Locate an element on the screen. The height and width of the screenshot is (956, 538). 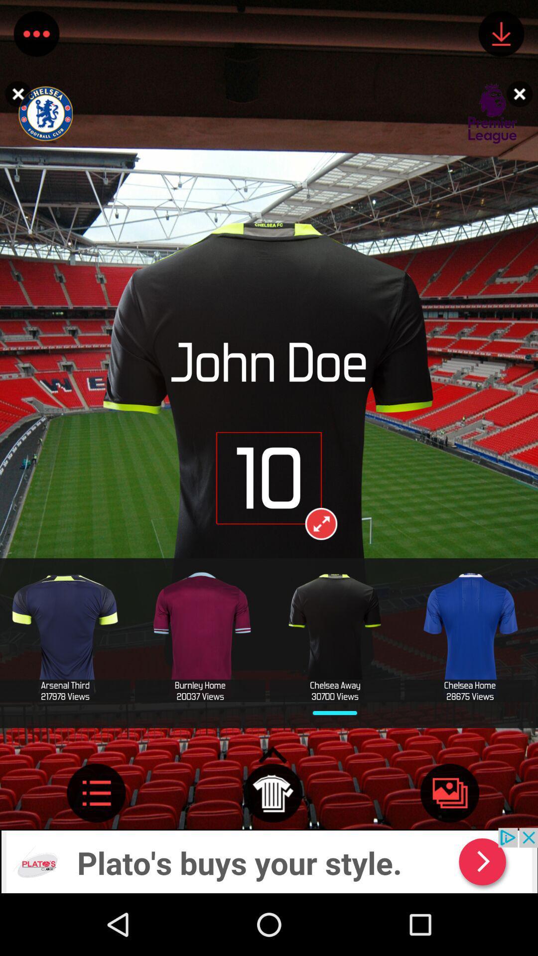
the close icon is located at coordinates (15, 94).